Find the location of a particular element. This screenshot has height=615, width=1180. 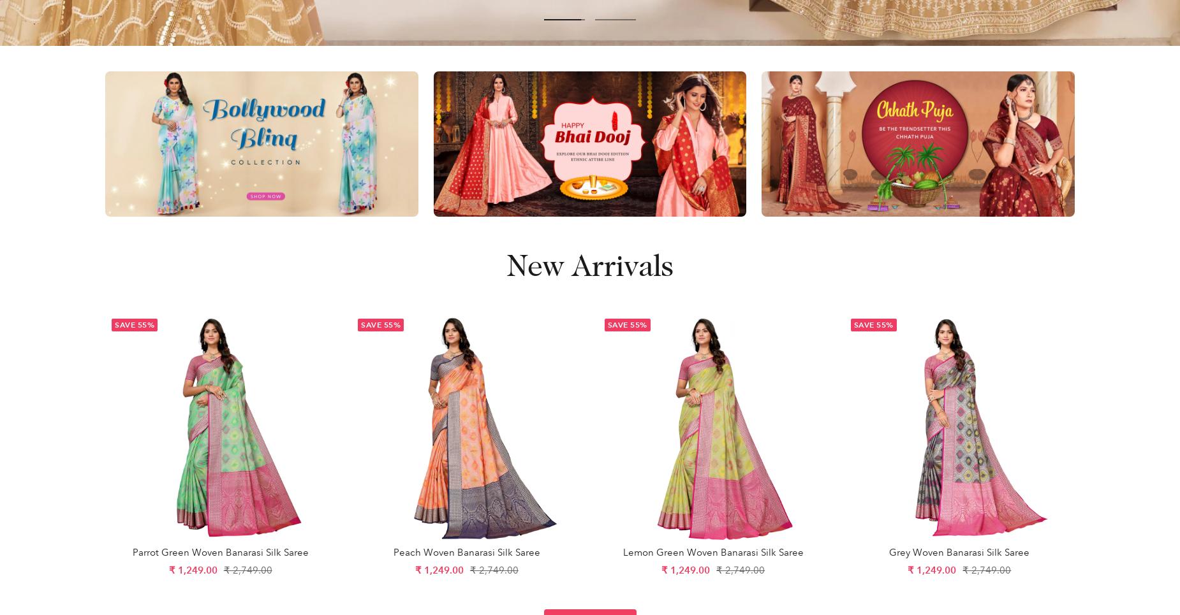

'Lemon Green Woven Banarasi Silk Saree' is located at coordinates (622, 551).